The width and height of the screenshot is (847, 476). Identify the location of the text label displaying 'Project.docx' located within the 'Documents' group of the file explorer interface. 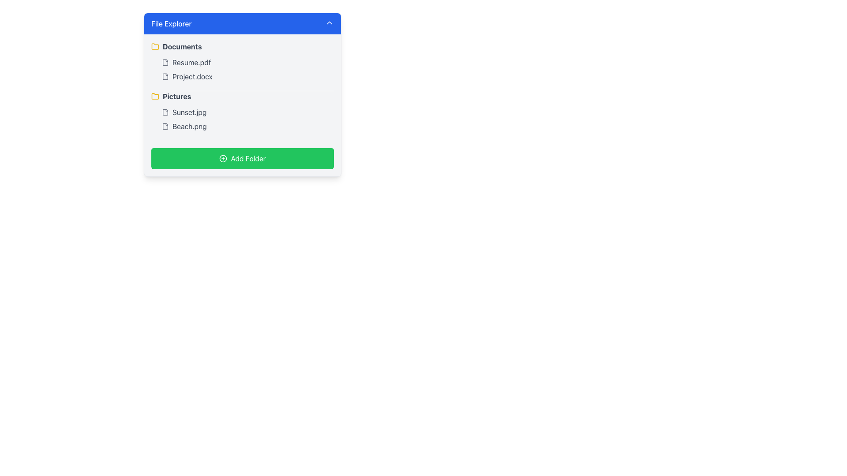
(192, 76).